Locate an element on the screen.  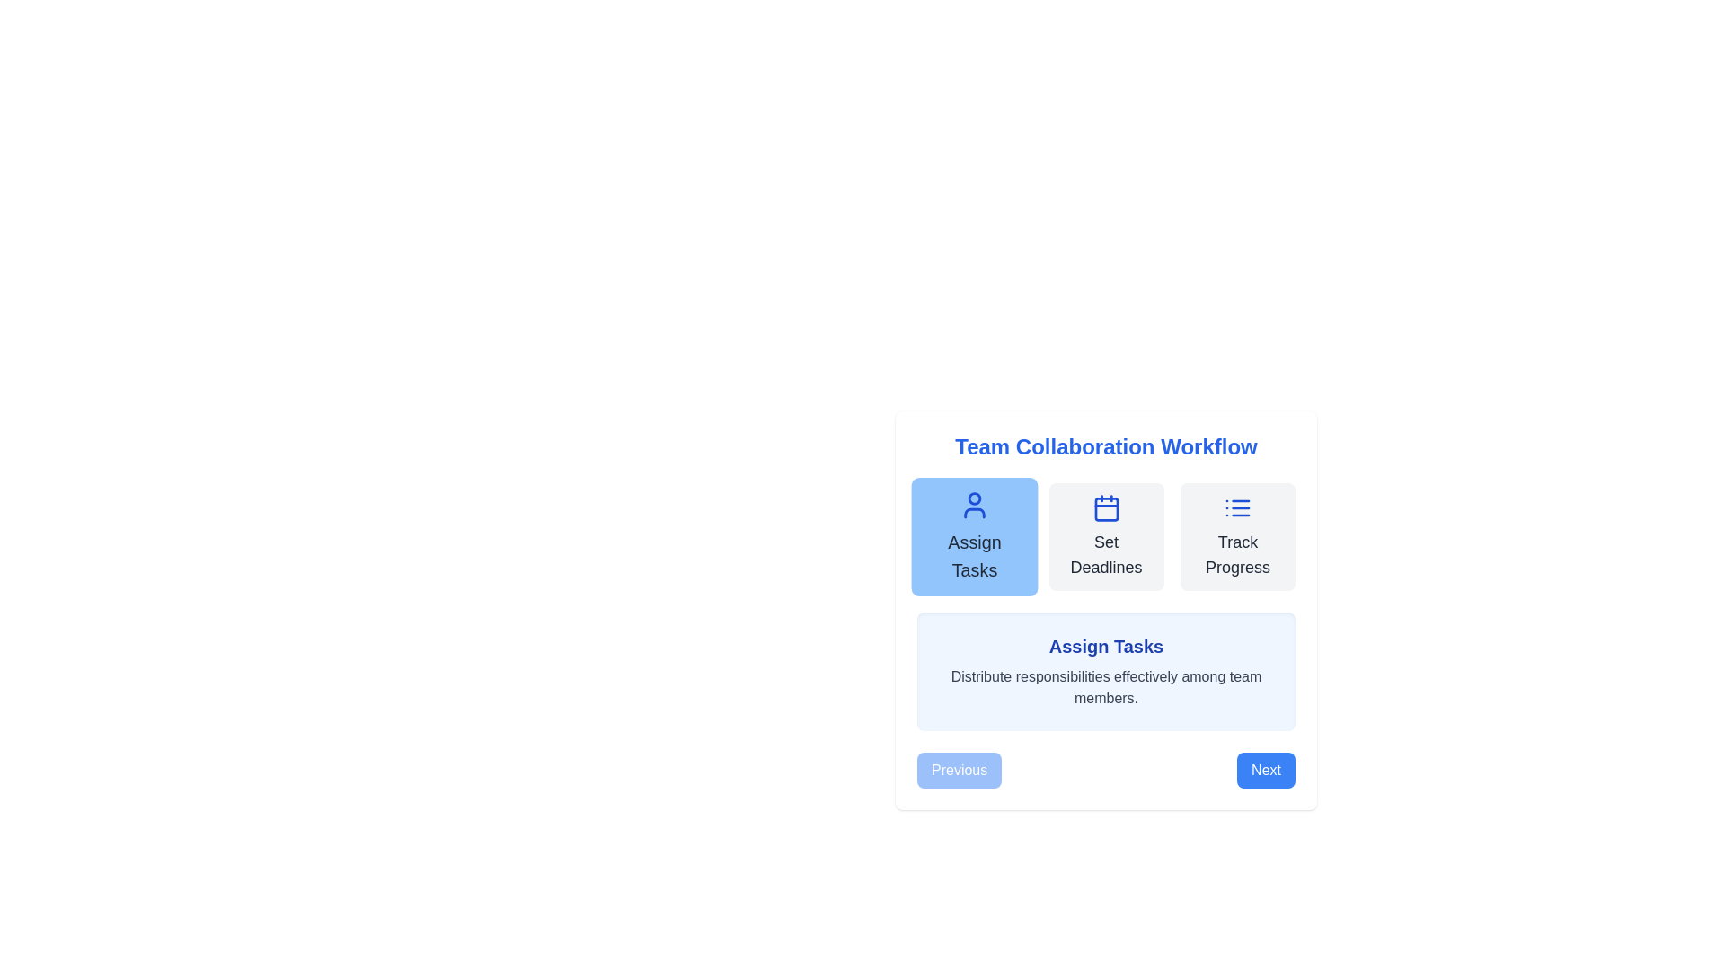
the 'Assign Tasks' button, which is a rectangular blue button with a user icon and black text below it is located at coordinates (973, 535).